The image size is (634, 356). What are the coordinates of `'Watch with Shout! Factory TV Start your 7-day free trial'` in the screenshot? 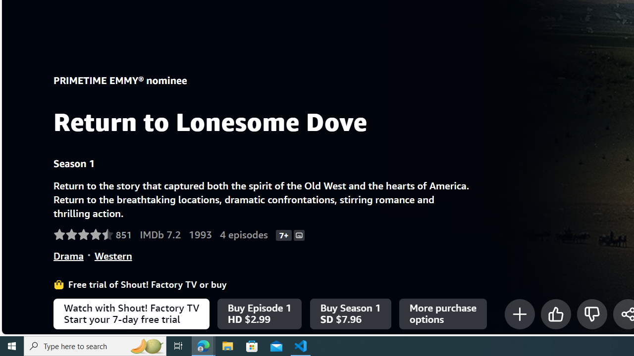 It's located at (131, 314).